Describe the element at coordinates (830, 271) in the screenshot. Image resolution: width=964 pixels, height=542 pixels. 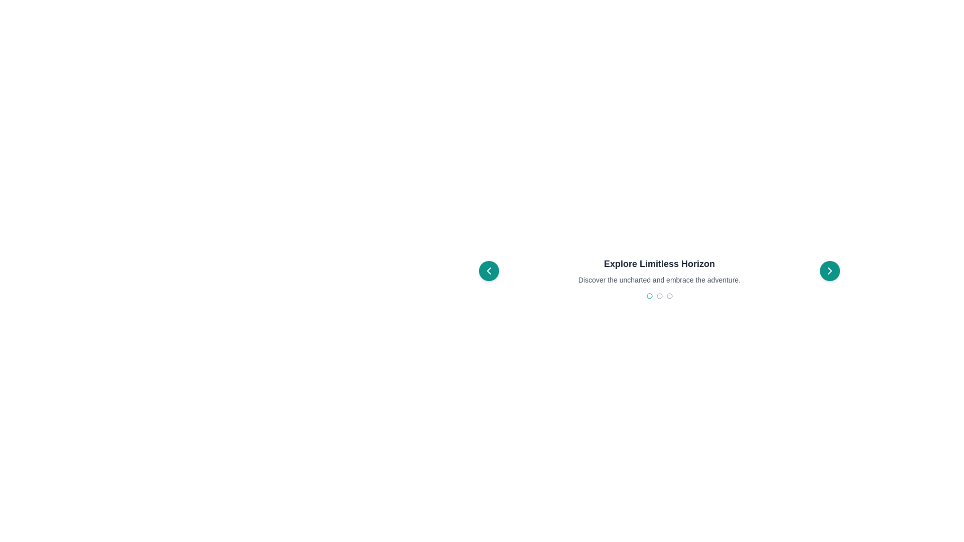
I see `the chevron-shaped icon styled as a right arrow, which is enclosed within a teal circular button` at that location.